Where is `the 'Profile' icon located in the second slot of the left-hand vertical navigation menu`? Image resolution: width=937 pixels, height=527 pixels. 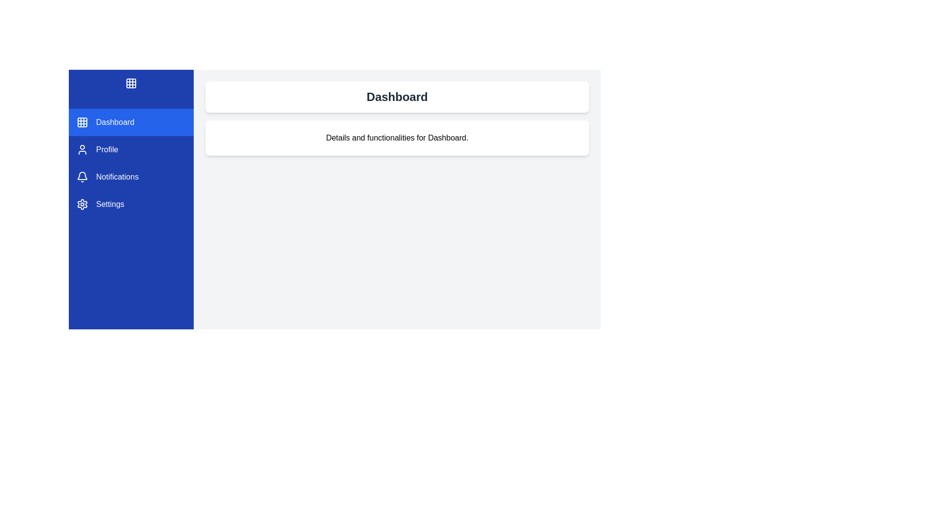
the 'Profile' icon located in the second slot of the left-hand vertical navigation menu is located at coordinates (82, 150).